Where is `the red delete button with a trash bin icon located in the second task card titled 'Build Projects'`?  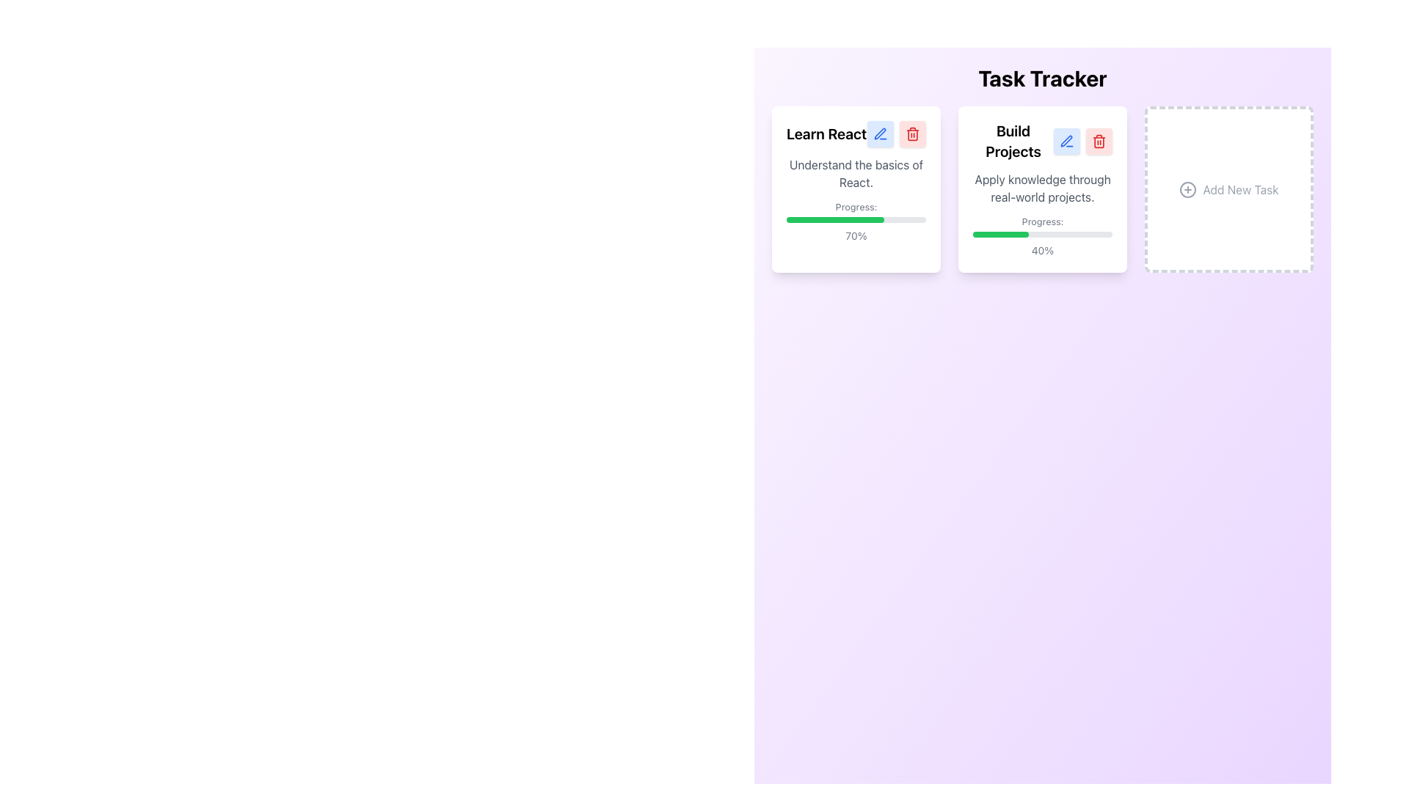
the red delete button with a trash bin icon located in the second task card titled 'Build Projects' is located at coordinates (1099, 141).